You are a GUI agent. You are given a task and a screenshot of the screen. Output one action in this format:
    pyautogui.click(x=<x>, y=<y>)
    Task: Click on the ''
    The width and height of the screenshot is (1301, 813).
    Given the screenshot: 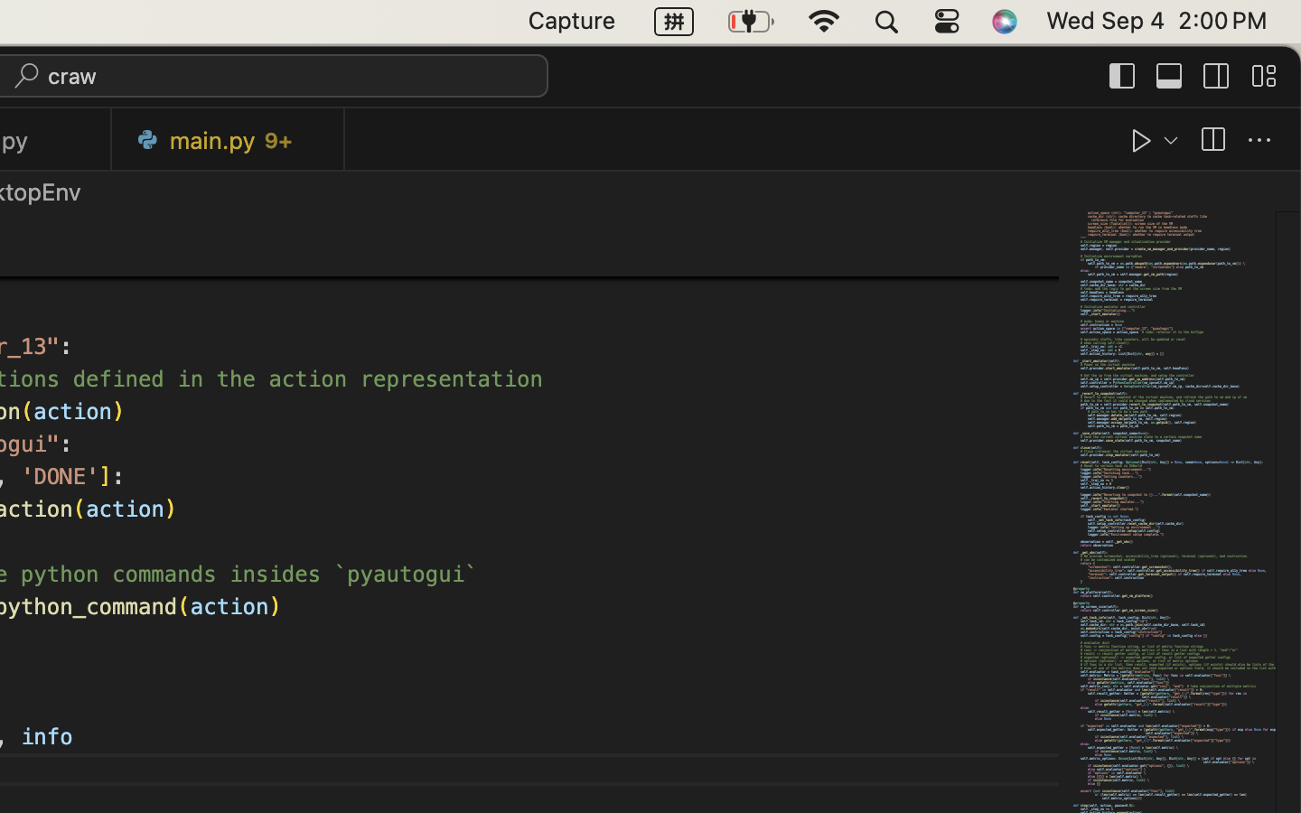 What is the action you would take?
    pyautogui.click(x=1211, y=140)
    